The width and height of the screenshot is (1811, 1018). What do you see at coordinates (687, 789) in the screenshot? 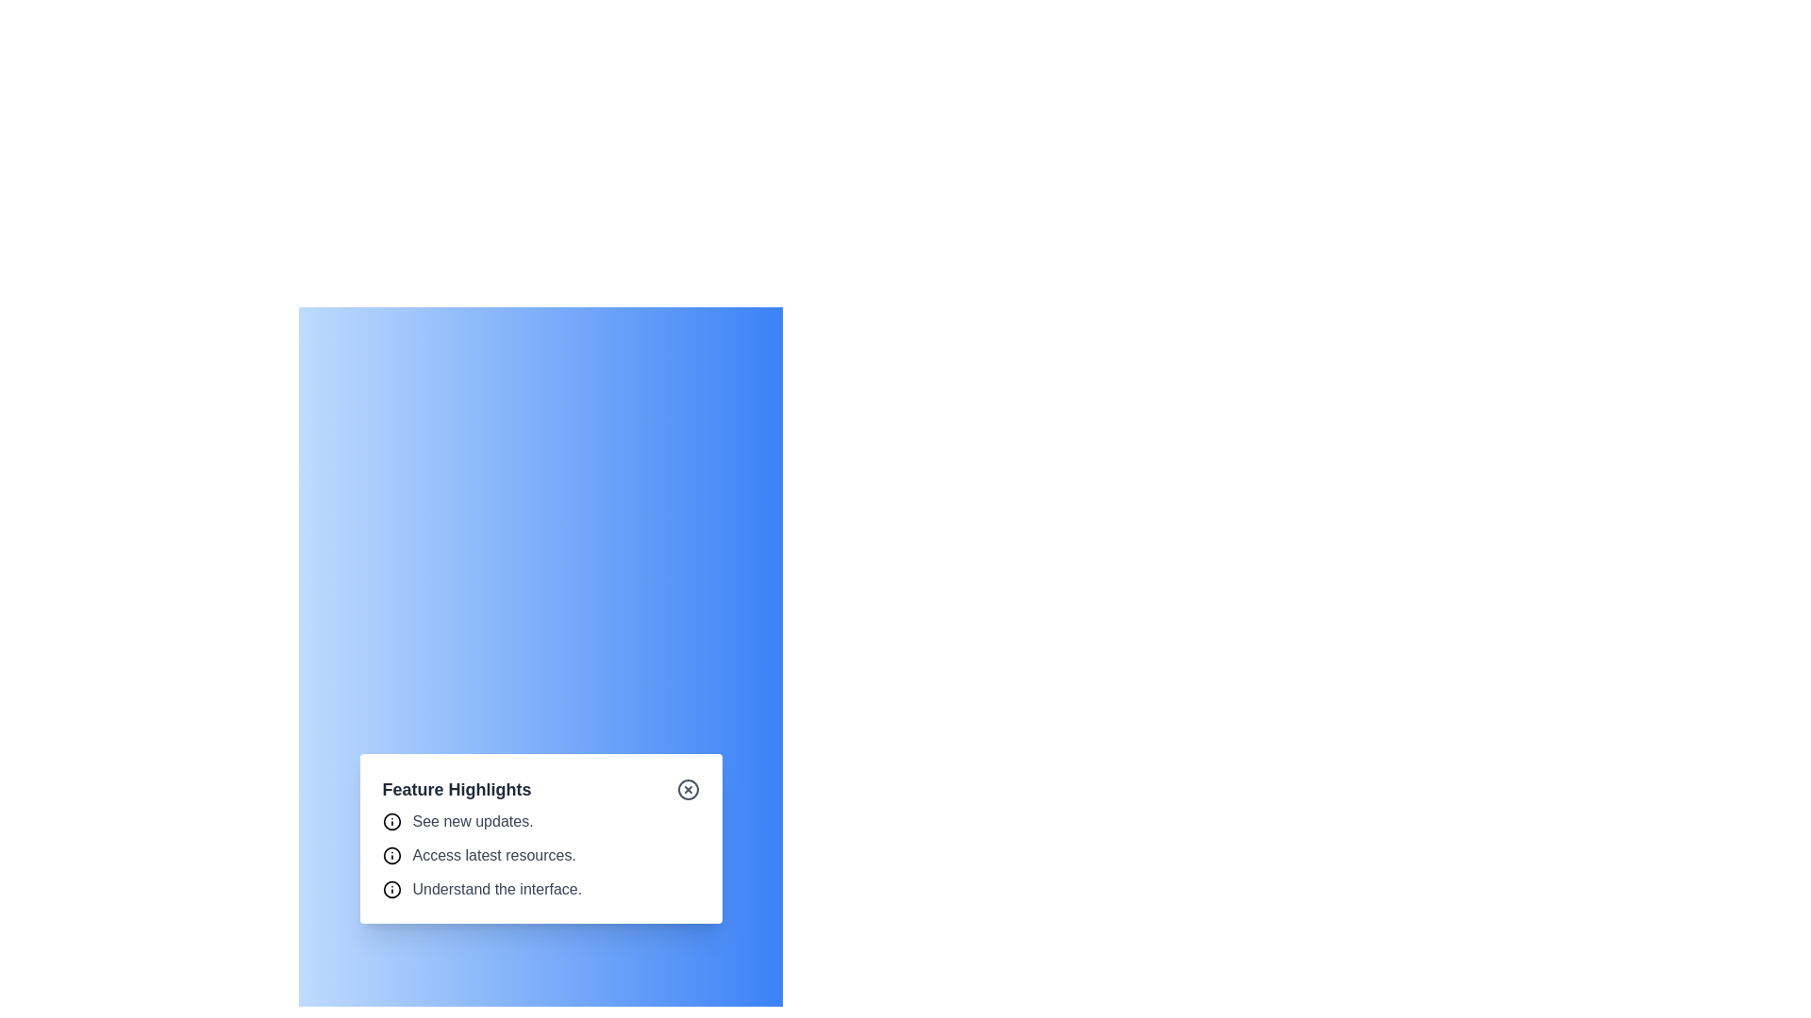
I see `the button located on the right side of the 'Feature Highlights' section header` at bounding box center [687, 789].